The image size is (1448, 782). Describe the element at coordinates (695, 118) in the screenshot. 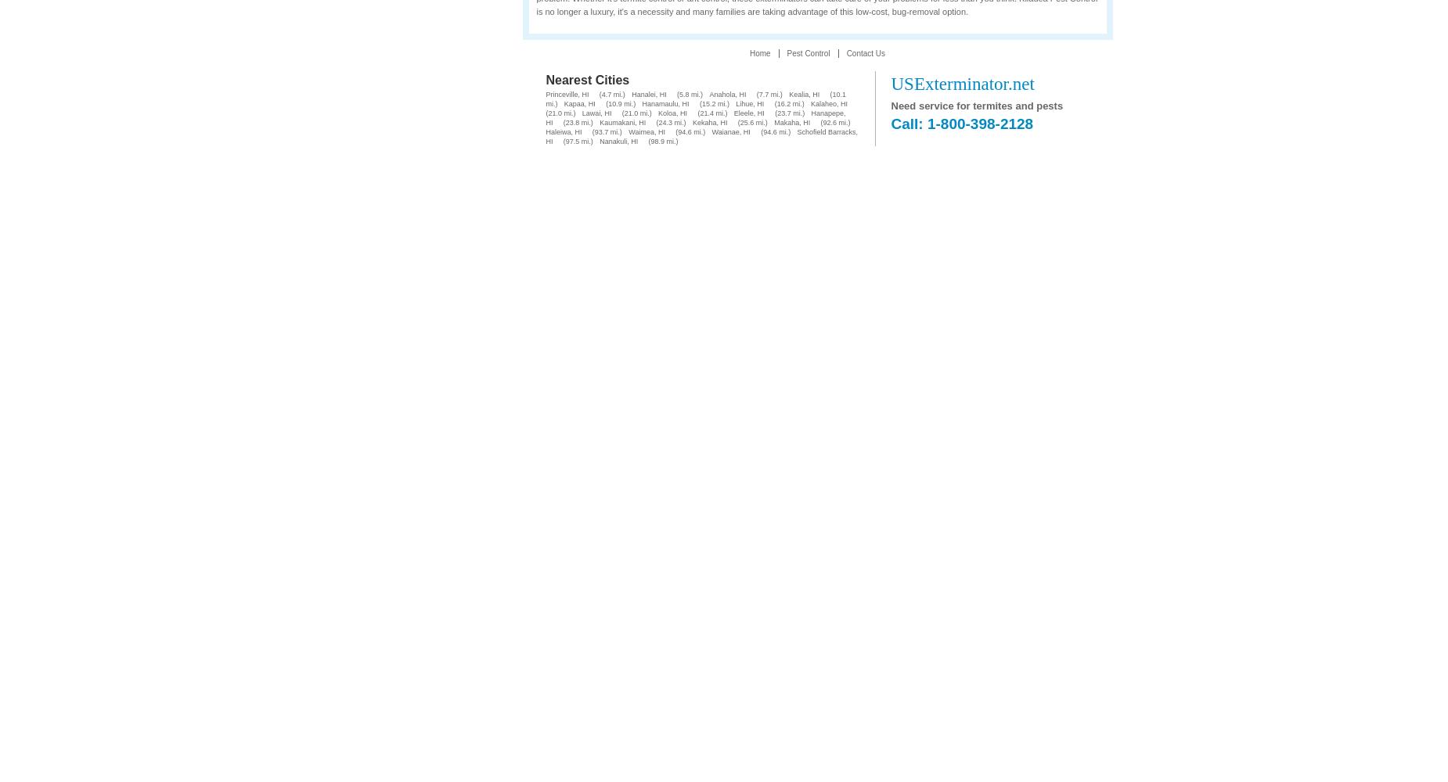

I see `'Hanapepe, HI'` at that location.